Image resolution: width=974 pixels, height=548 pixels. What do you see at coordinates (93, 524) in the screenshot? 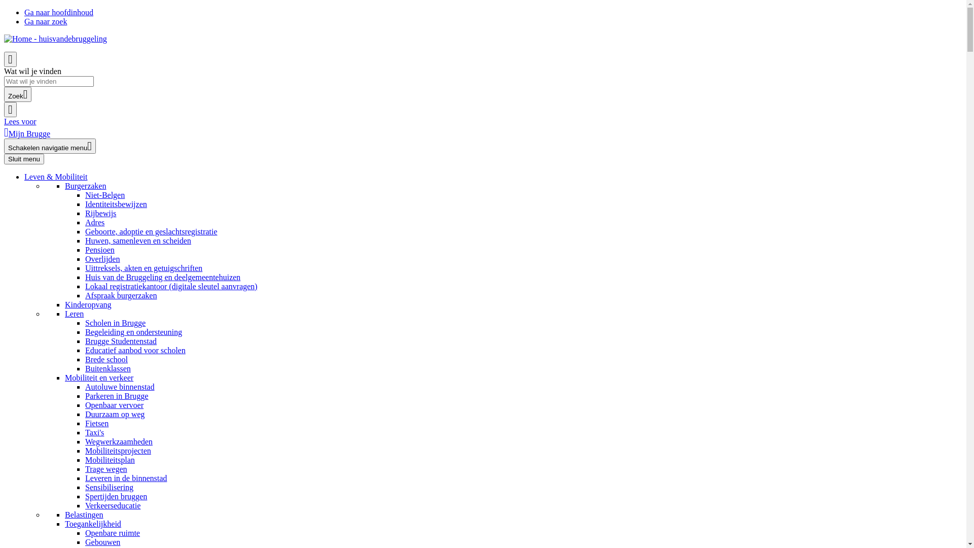
I see `'Toegankelijkheid'` at bounding box center [93, 524].